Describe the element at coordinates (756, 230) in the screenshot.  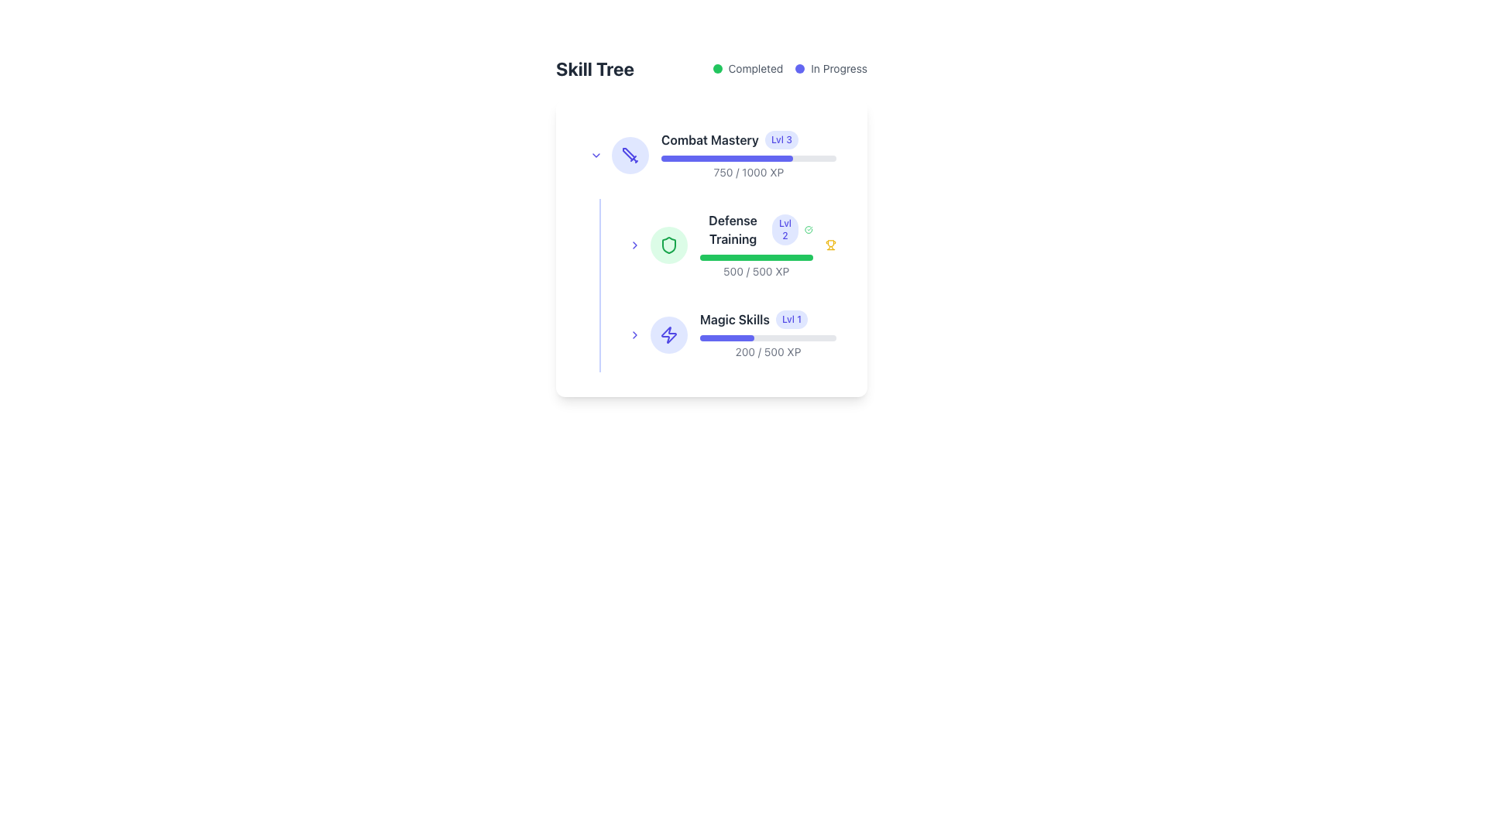
I see `level information displayed in the skill level component labeled 'Defense Training', which shows the current level as 'Lvl 2'` at that location.